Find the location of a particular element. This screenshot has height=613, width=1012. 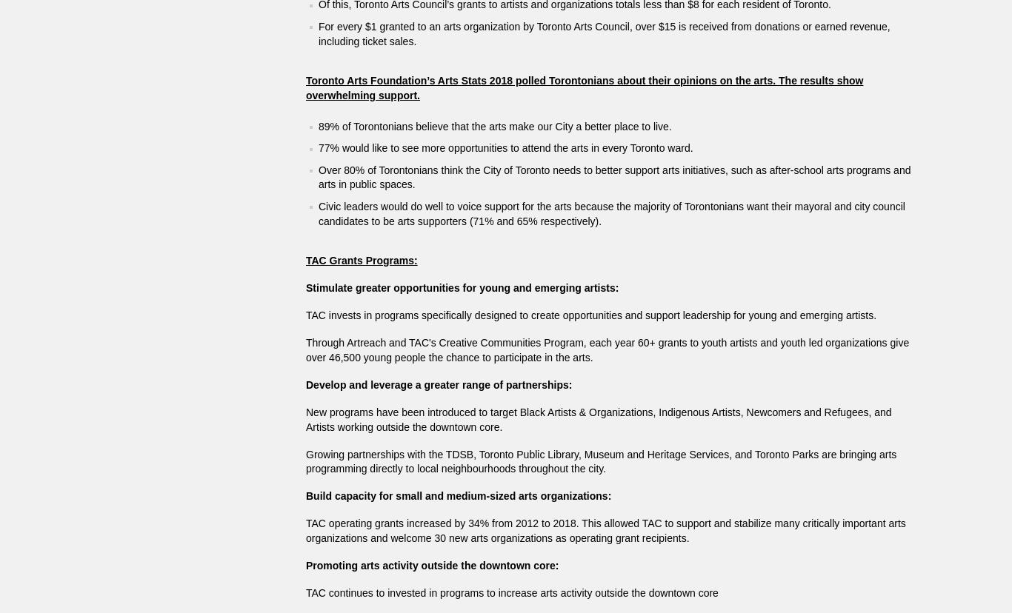

'Civic leaders would do well to voice support for the arts because the majority of Torontonians want their mayoral and city council candidates to be arts supporters (71% and 65% respectively).' is located at coordinates (318, 213).